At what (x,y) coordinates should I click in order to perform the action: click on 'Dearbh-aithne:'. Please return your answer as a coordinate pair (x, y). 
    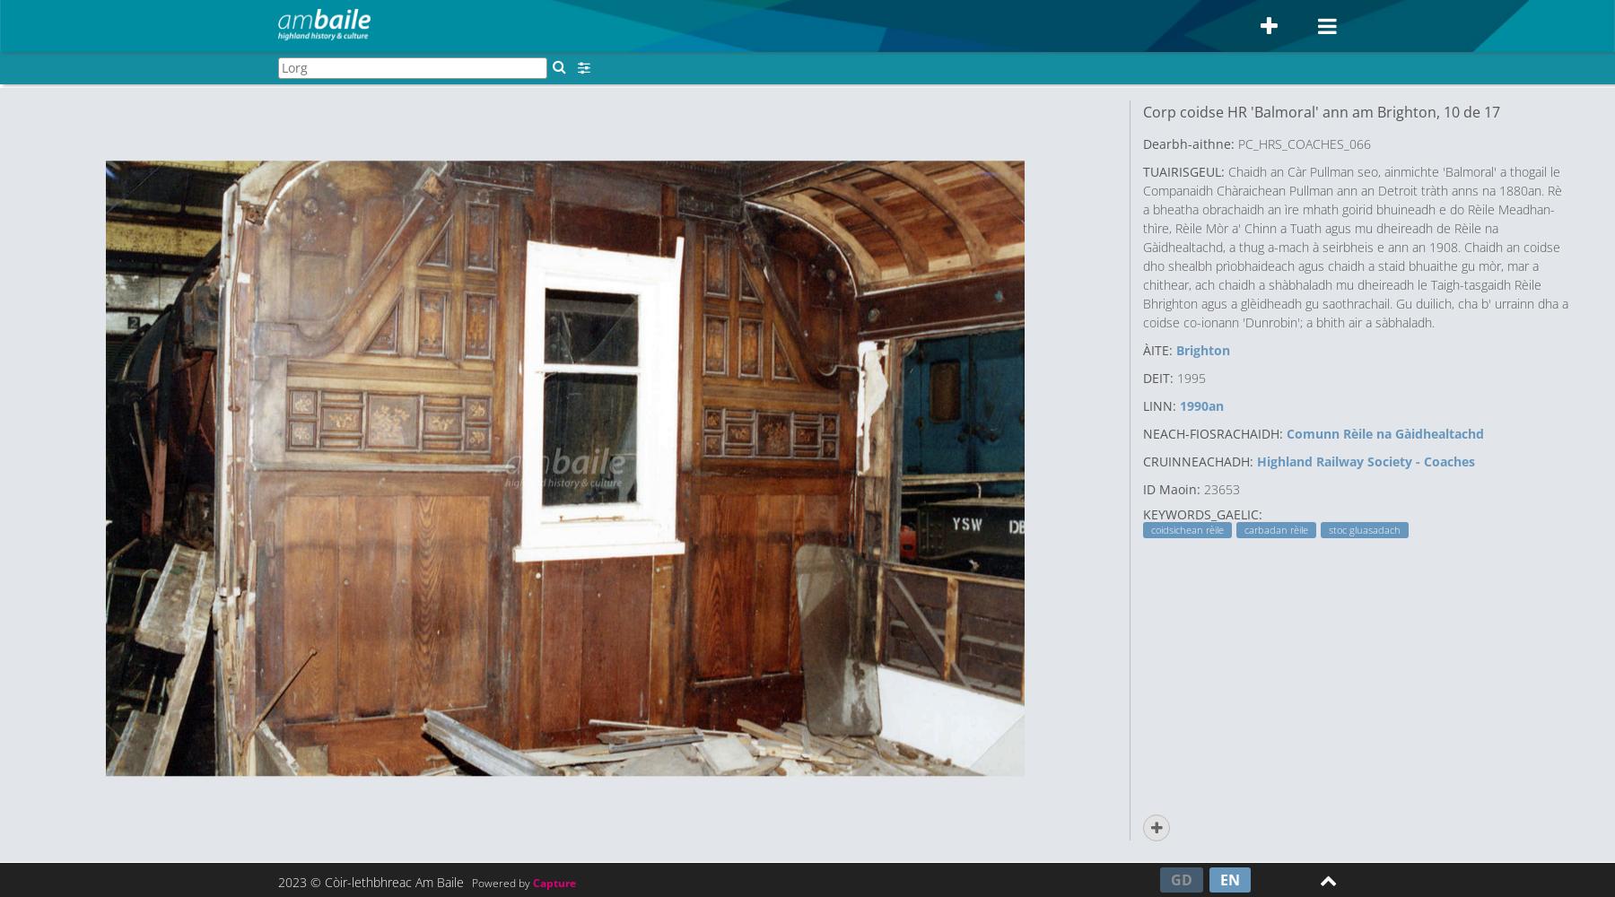
    Looking at the image, I should click on (1188, 143).